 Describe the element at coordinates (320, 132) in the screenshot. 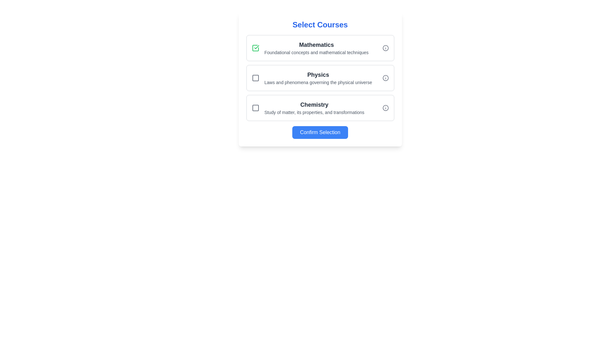

I see `the blue 'Confirm Selection' button with white bold text located at the bottom of the modal to confirm the selection` at that location.